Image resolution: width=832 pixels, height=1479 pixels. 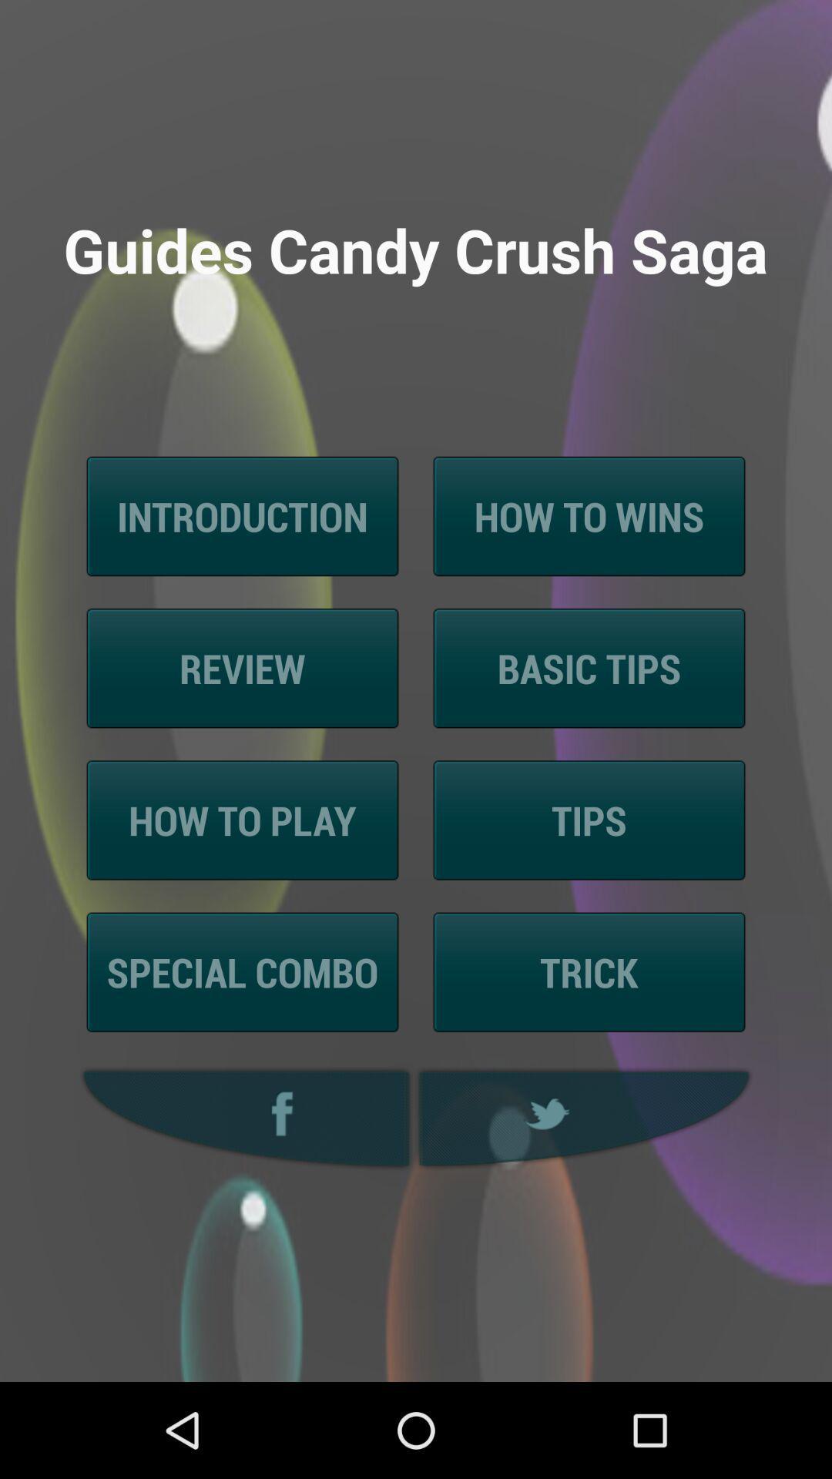 What do you see at coordinates (242, 1118) in the screenshot?
I see `connect with facebook` at bounding box center [242, 1118].